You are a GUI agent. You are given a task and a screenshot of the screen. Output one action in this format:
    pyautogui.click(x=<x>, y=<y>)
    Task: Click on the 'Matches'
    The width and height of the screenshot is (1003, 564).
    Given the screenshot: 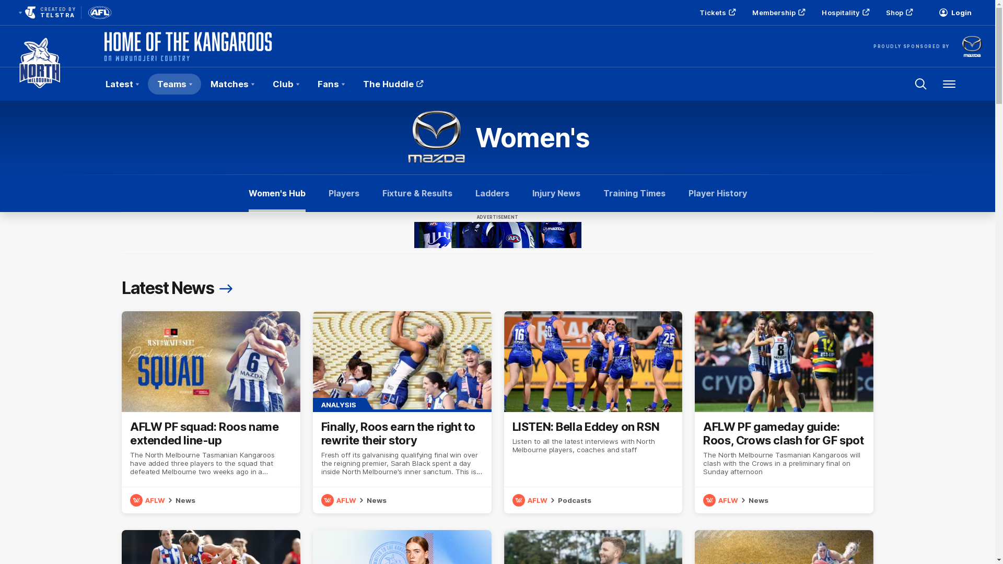 What is the action you would take?
    pyautogui.click(x=201, y=84)
    